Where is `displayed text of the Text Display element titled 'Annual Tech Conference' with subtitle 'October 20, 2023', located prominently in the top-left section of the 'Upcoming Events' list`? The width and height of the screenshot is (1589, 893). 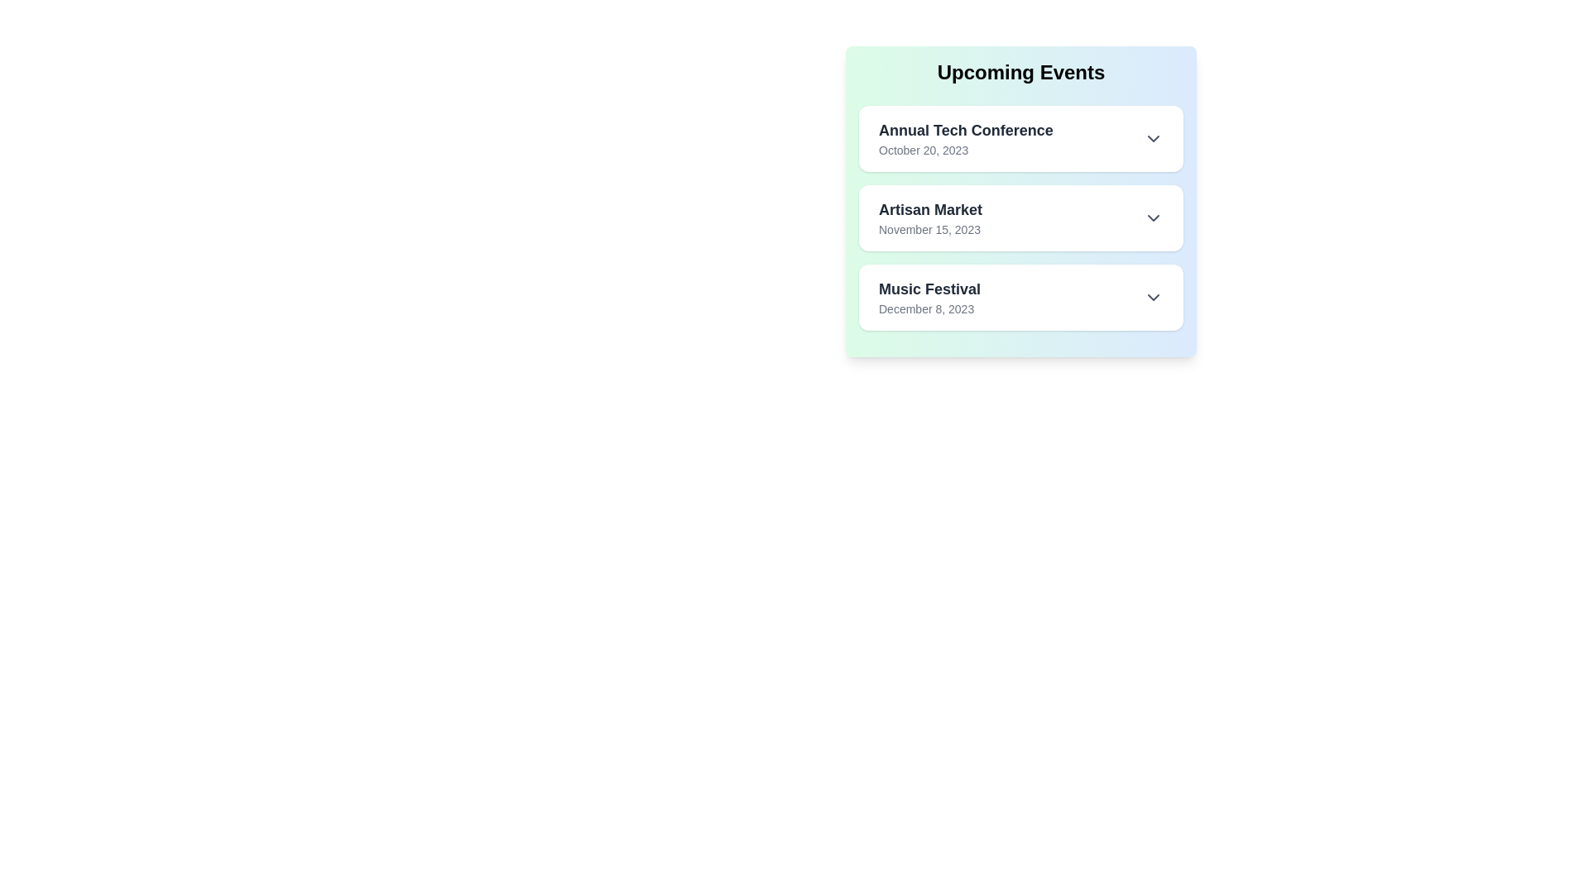 displayed text of the Text Display element titled 'Annual Tech Conference' with subtitle 'October 20, 2023', located prominently in the top-left section of the 'Upcoming Events' list is located at coordinates (966, 138).